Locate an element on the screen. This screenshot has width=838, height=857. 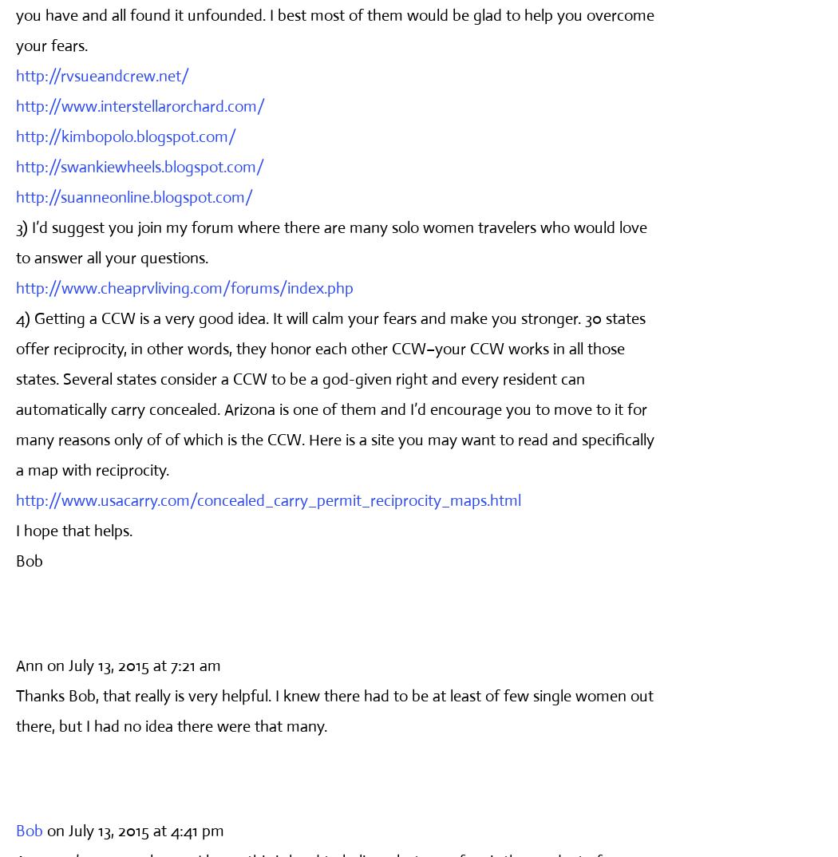
'http://suanneonline.blogspot.com/' is located at coordinates (15, 195).